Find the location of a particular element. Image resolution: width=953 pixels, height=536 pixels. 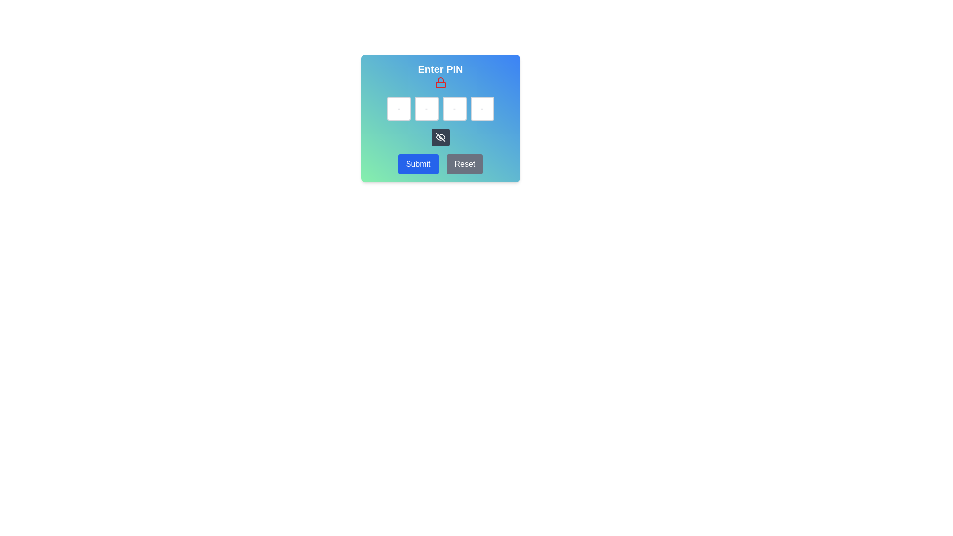

the 'Enter PIN' text label, which is styled in bold white font and located at the top center of the dialog box is located at coordinates (440, 68).